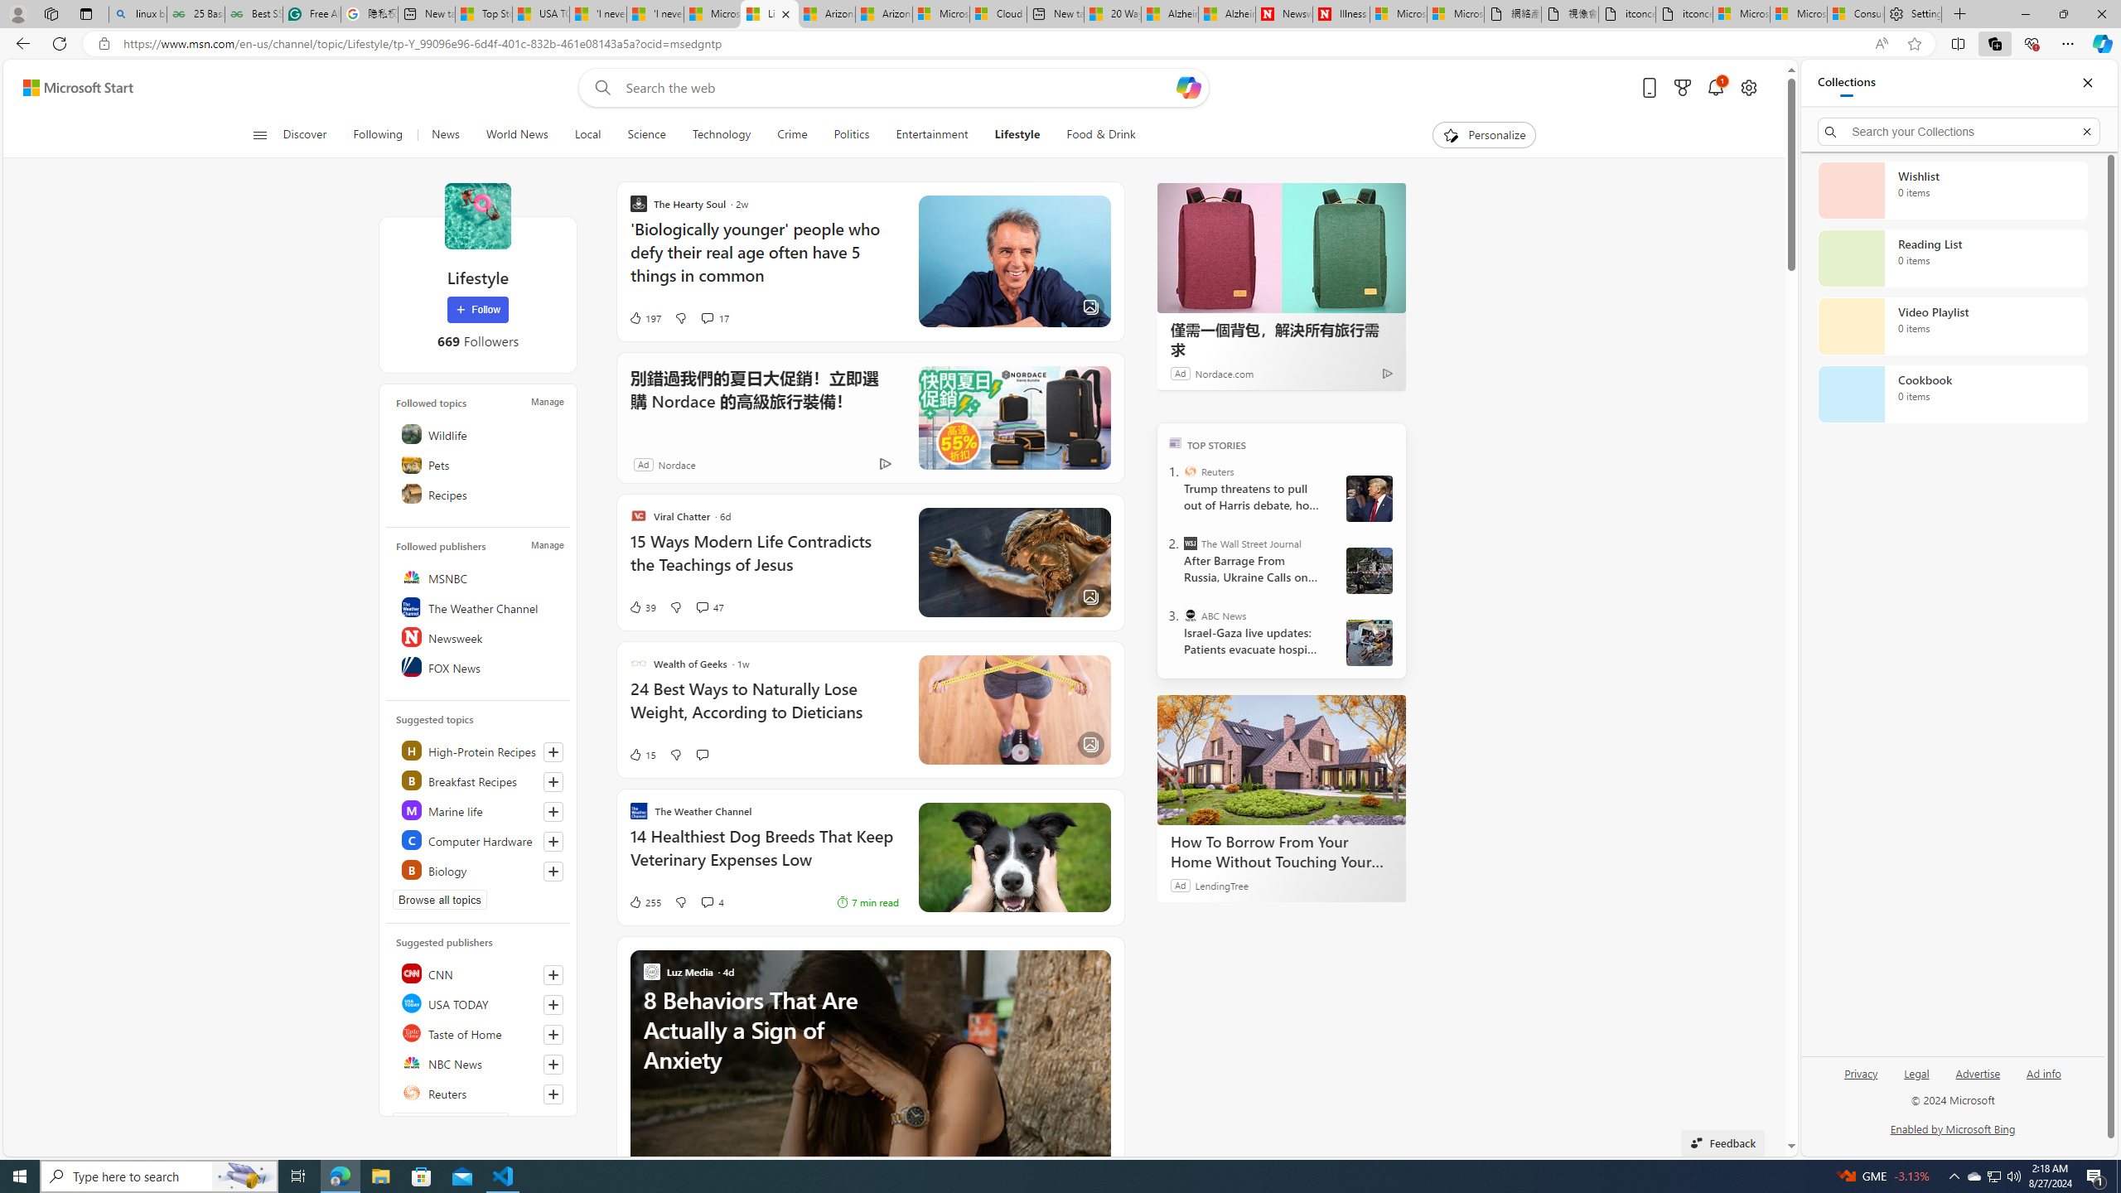 The height and width of the screenshot is (1193, 2121). I want to click on 'New Tab', so click(1959, 13).